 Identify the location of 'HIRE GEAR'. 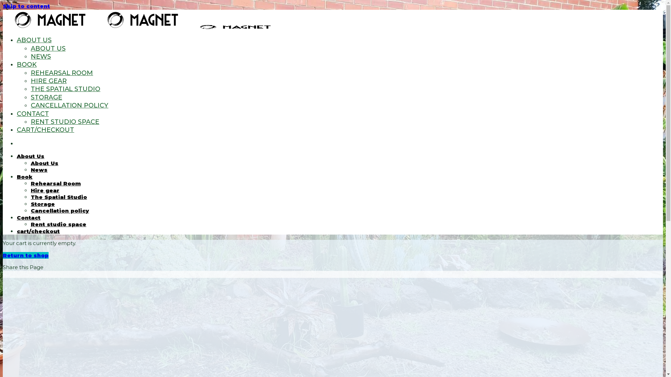
(48, 80).